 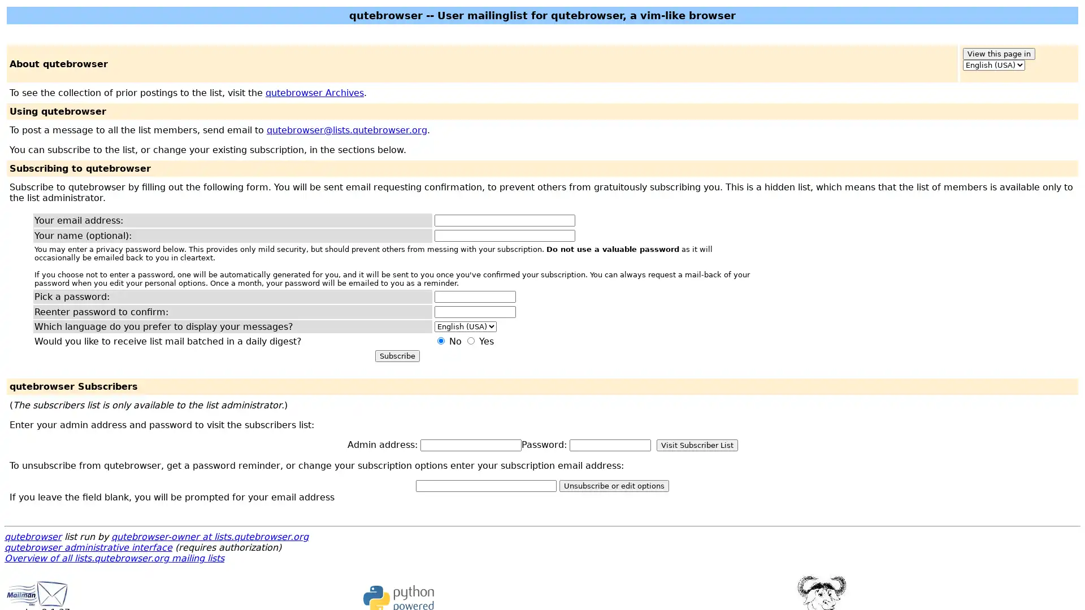 I want to click on View this page in, so click(x=998, y=54).